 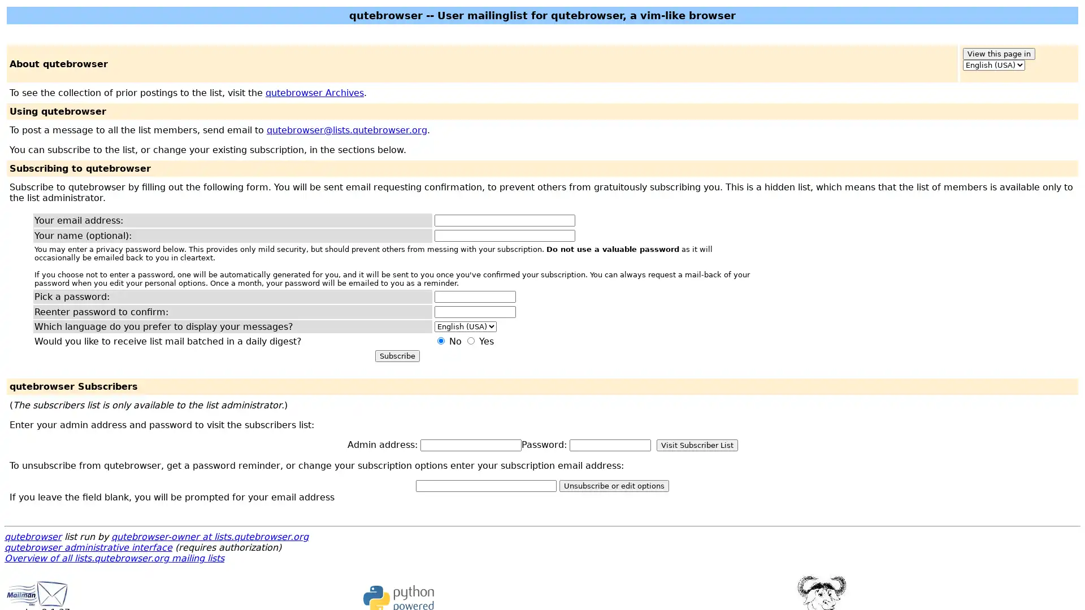 I want to click on View this page in, so click(x=998, y=54).